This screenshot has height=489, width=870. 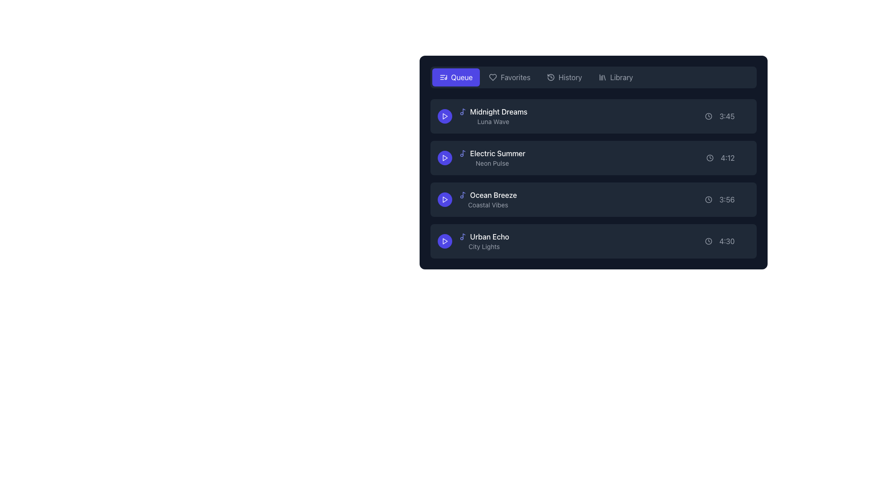 I want to click on the vertical line of the music note icon's stem, which is part of the circular shape forming the note's body, so click(x=464, y=152).